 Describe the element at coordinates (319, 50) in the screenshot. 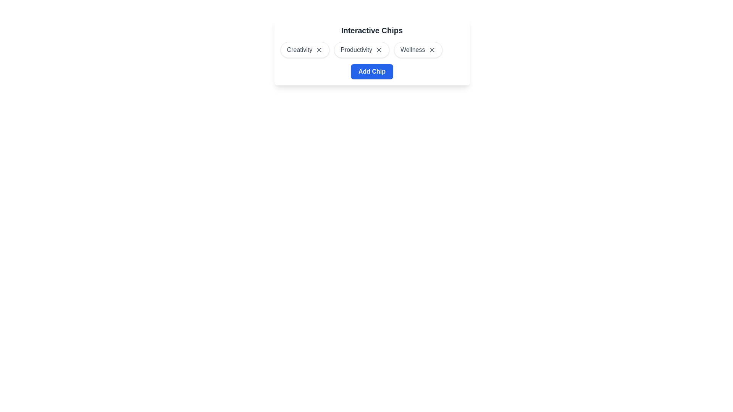

I see `the close/remove icon located within the 'Creativity' chip` at that location.